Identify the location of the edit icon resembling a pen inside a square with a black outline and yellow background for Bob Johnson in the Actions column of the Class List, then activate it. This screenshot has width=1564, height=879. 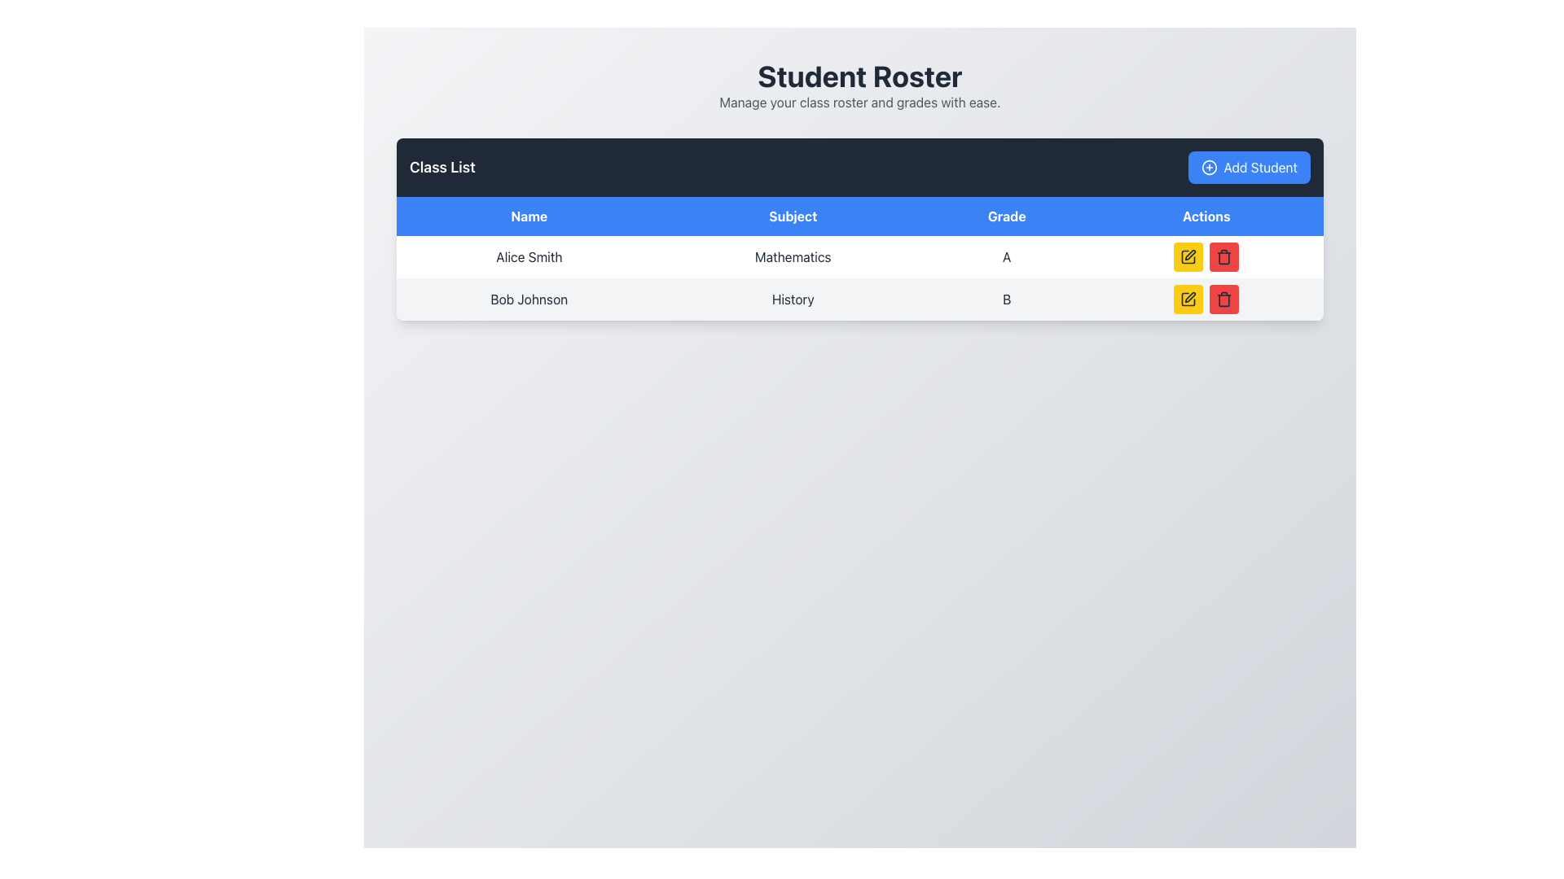
(1188, 299).